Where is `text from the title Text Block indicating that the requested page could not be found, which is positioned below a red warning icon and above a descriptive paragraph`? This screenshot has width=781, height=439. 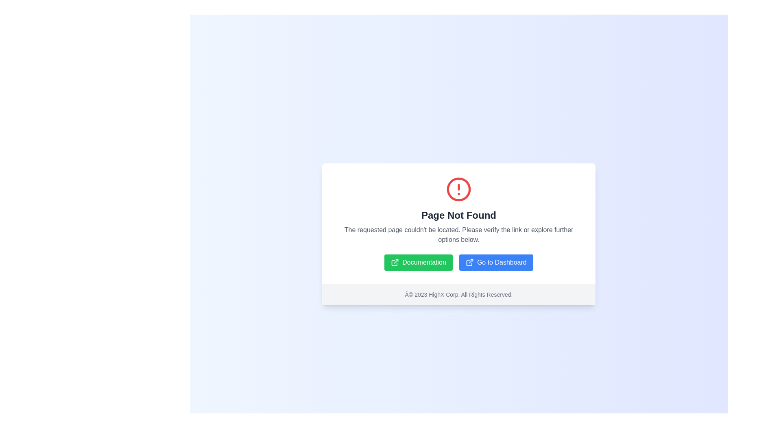
text from the title Text Block indicating that the requested page could not be found, which is positioned below a red warning icon and above a descriptive paragraph is located at coordinates (459, 215).